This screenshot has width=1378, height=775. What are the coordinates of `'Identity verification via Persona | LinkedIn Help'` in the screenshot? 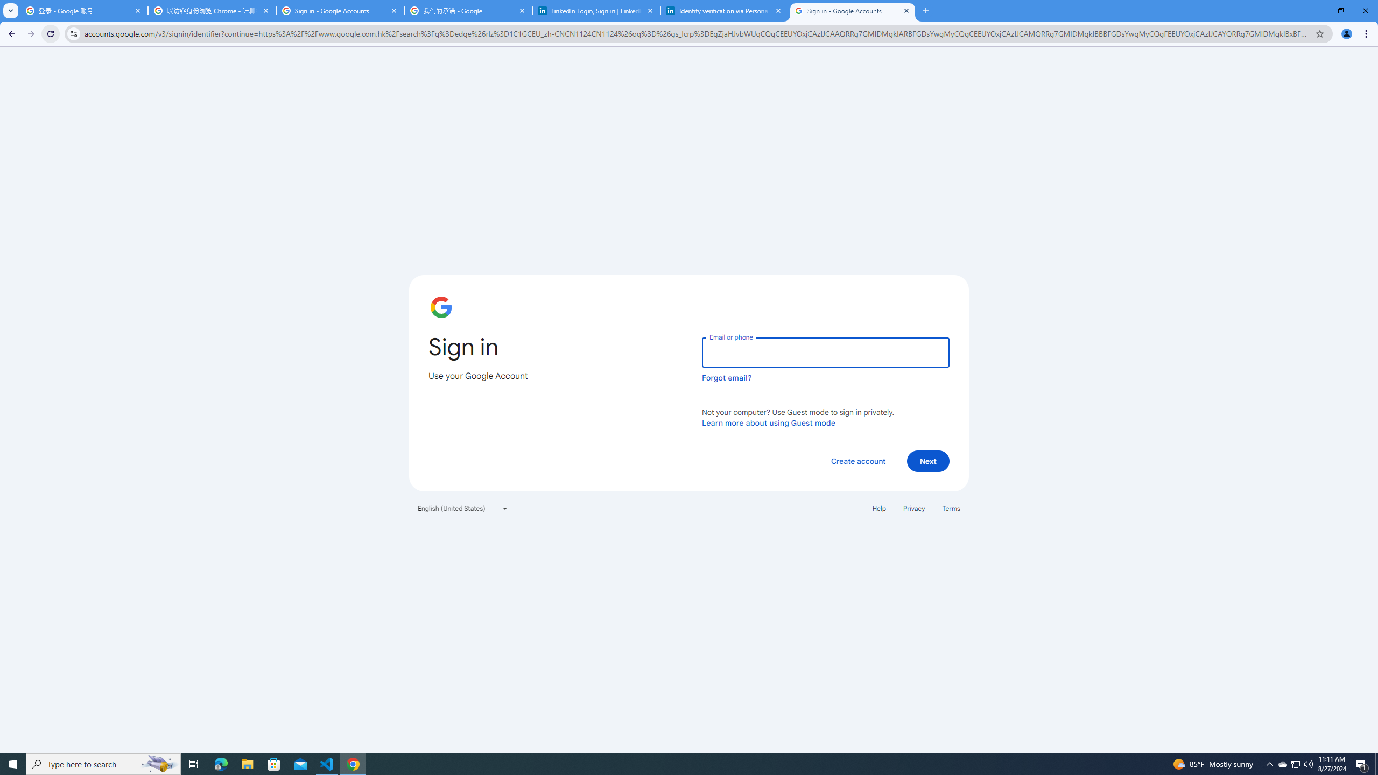 It's located at (724, 10).